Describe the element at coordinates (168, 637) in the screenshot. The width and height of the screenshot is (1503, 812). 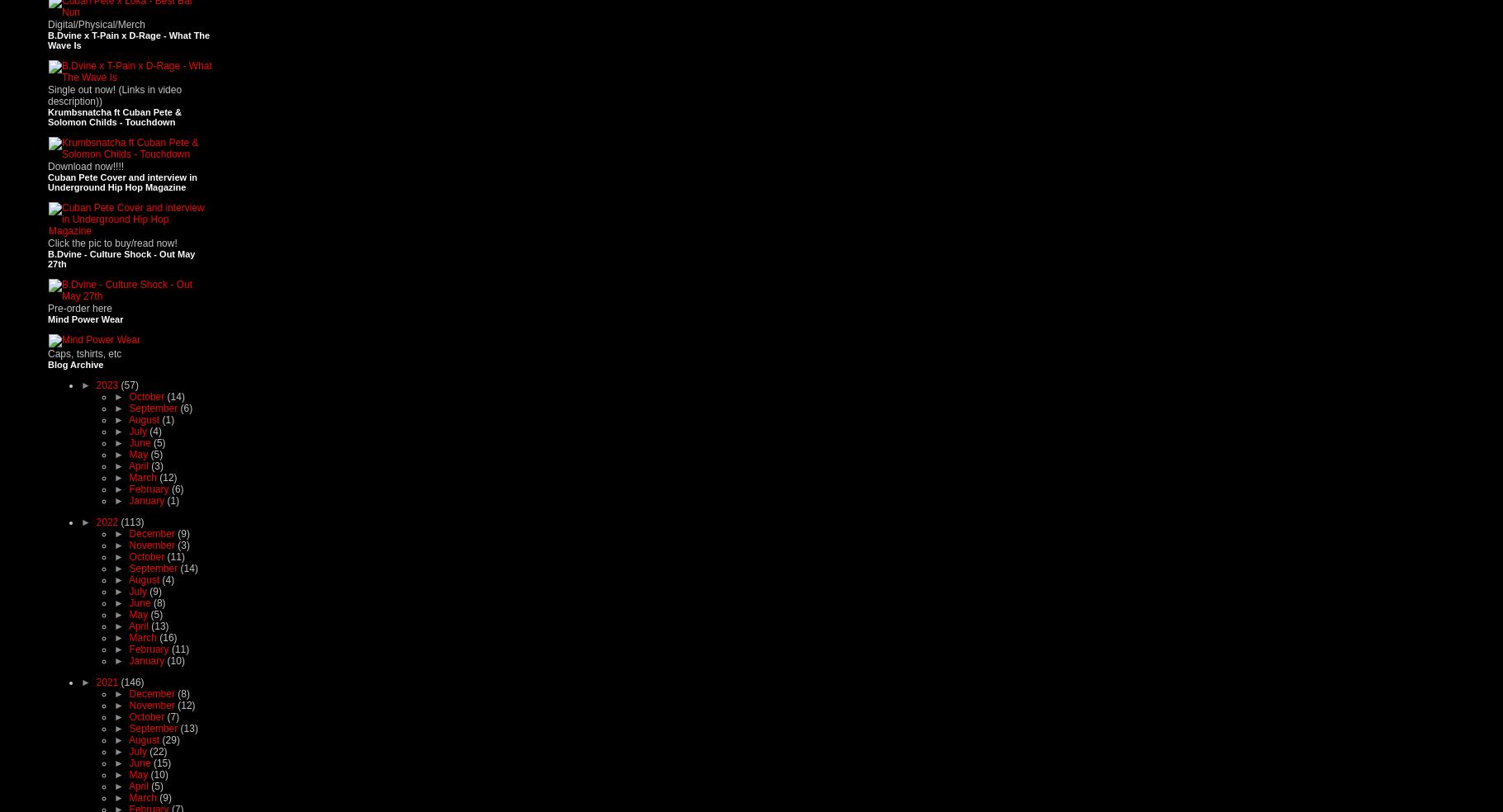
I see `'(16)'` at that location.